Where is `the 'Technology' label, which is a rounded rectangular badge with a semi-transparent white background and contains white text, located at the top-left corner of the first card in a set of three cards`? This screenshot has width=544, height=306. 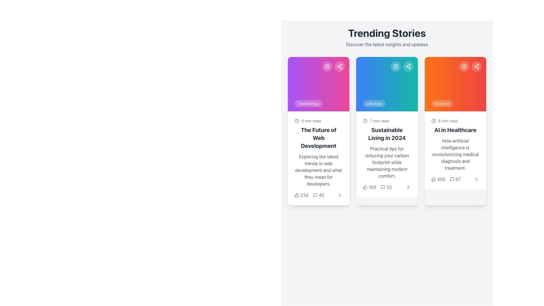
the 'Technology' label, which is a rounded rectangular badge with a semi-transparent white background and contains white text, located at the top-left corner of the first card in a set of three cards is located at coordinates (308, 103).